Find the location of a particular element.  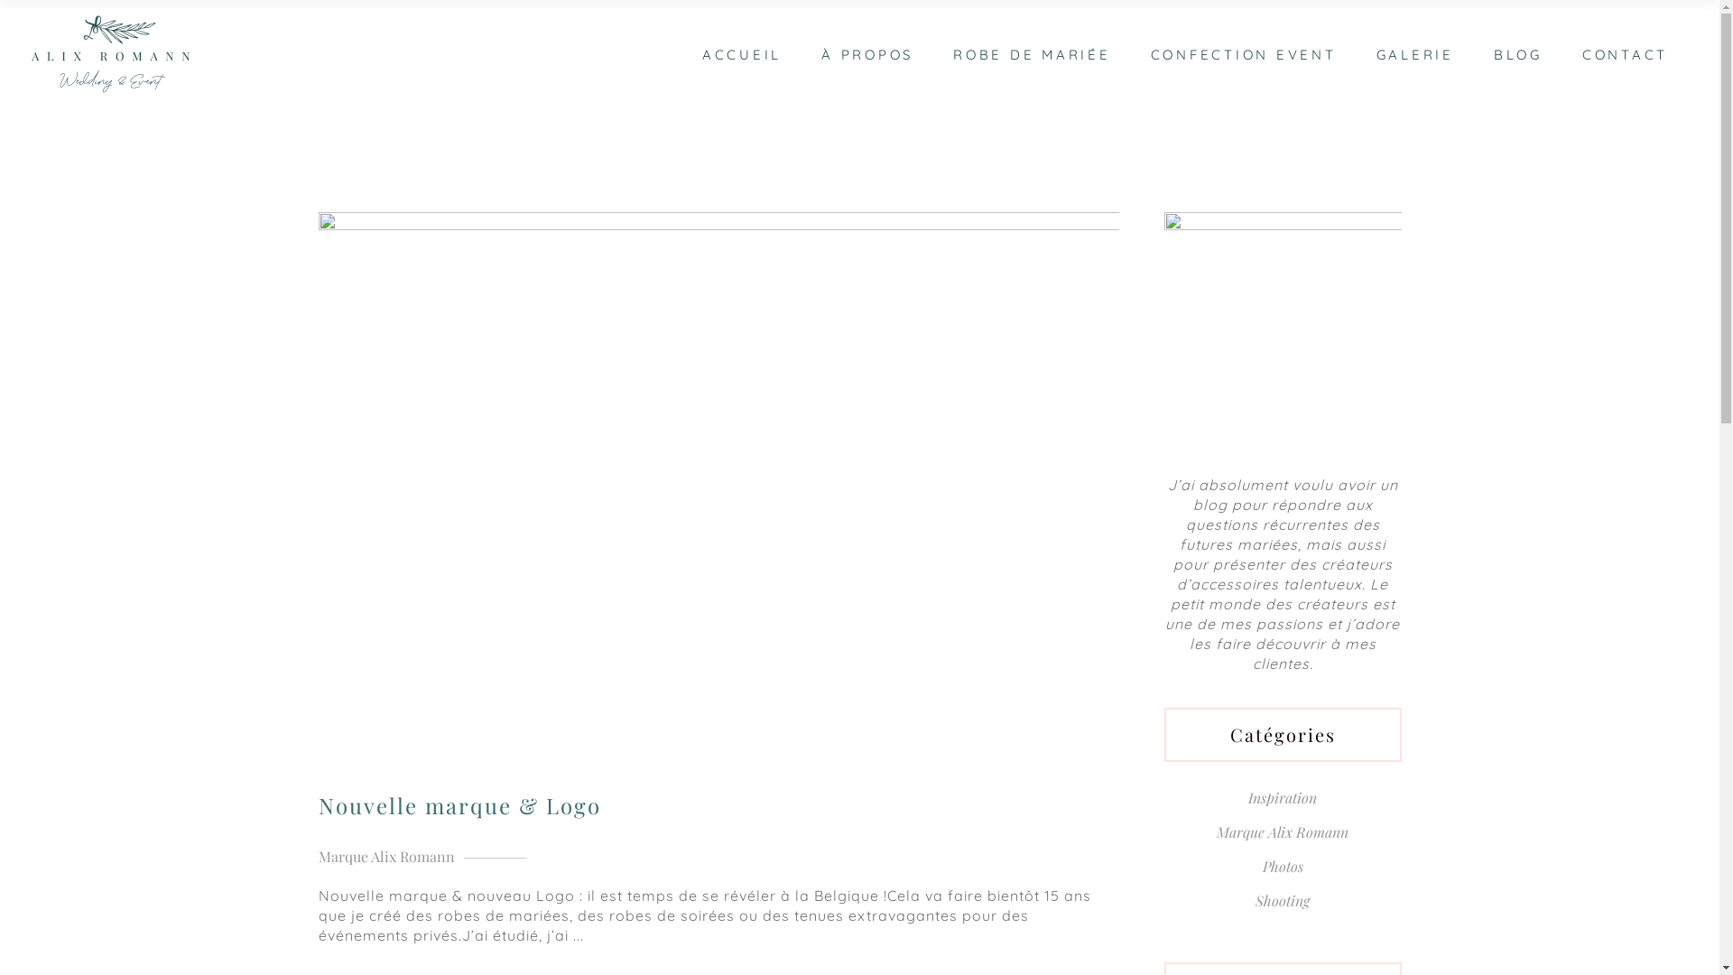

'Nouvelle marque & Logo' is located at coordinates (459, 803).